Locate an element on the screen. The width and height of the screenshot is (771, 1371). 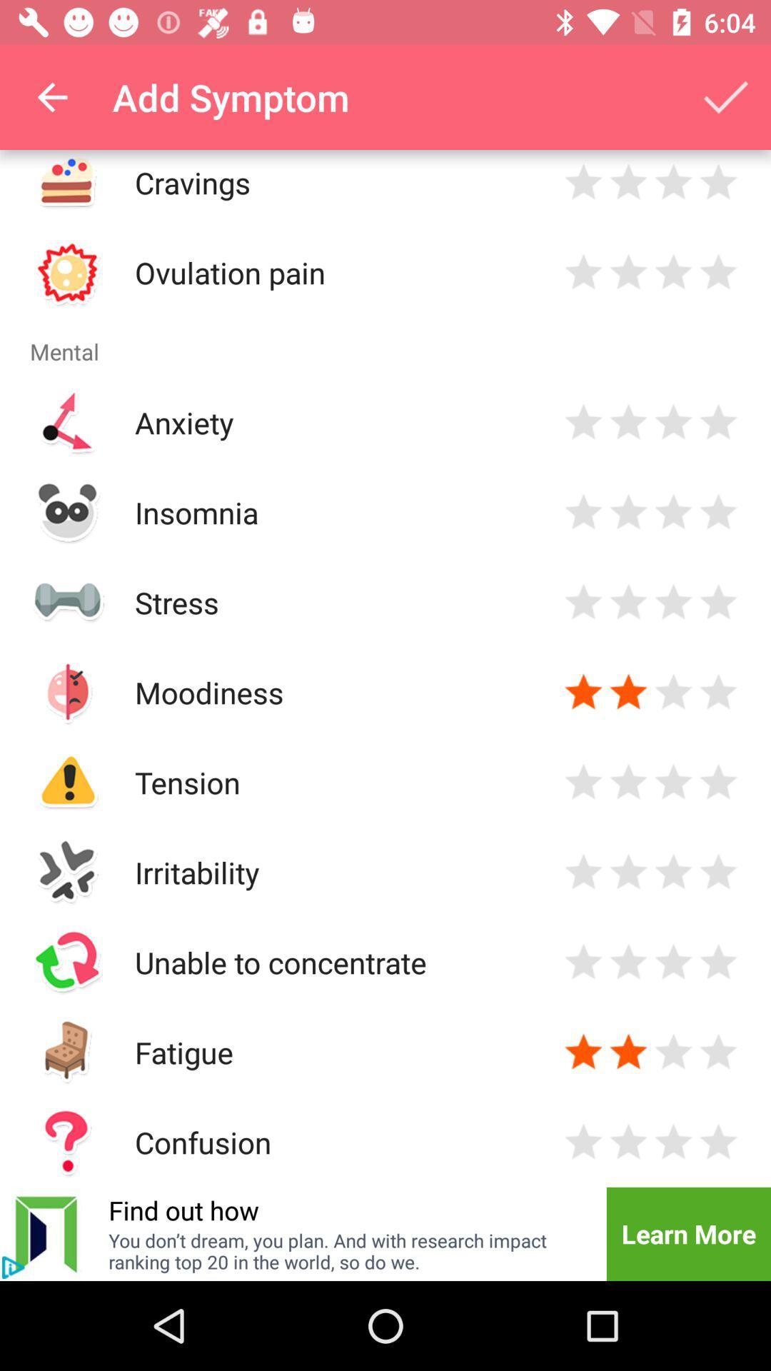
single star for anxiety is located at coordinates (583, 421).